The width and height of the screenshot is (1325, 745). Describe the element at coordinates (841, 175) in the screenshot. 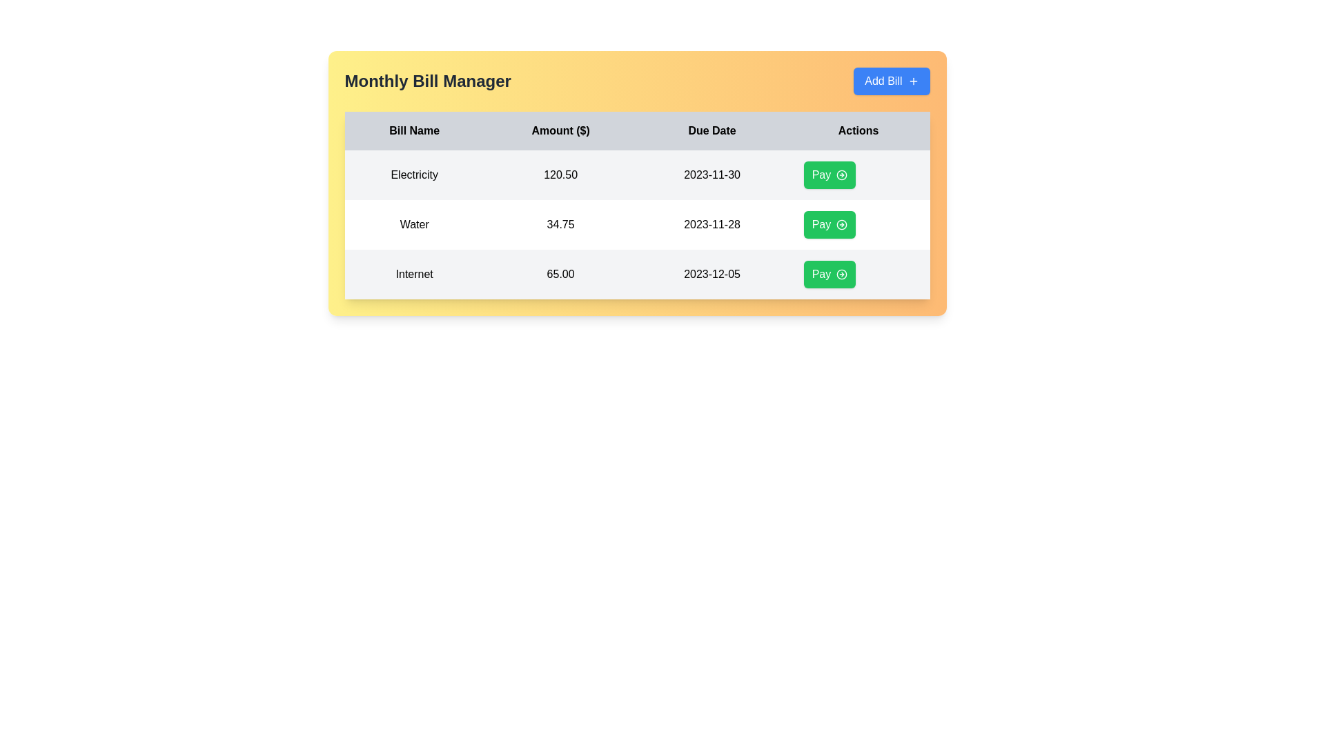

I see `the circular icon with an arrow inside the 'Pay' button, which has a green background and is located` at that location.